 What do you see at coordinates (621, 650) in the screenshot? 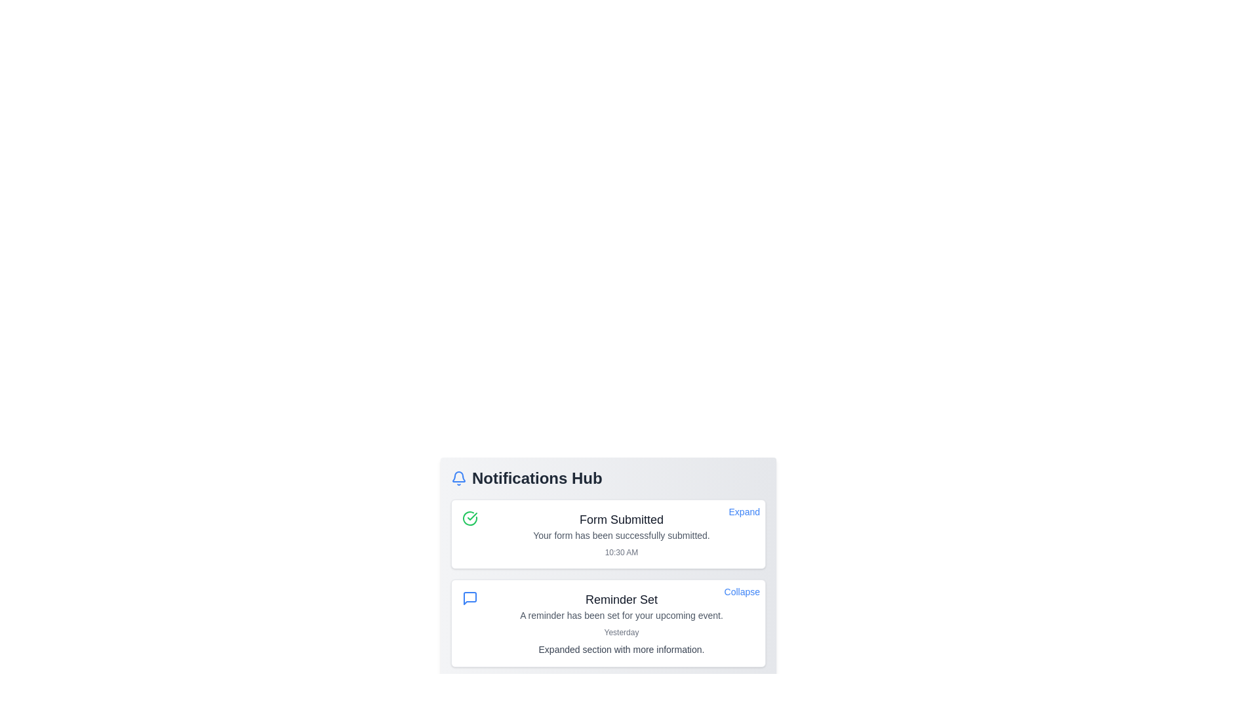
I see `text string saying 'Expanded section with more information.' located below the 'Yesterday' timestamp in the notification titled 'Reminder Set' within the Notifications Hub` at bounding box center [621, 650].